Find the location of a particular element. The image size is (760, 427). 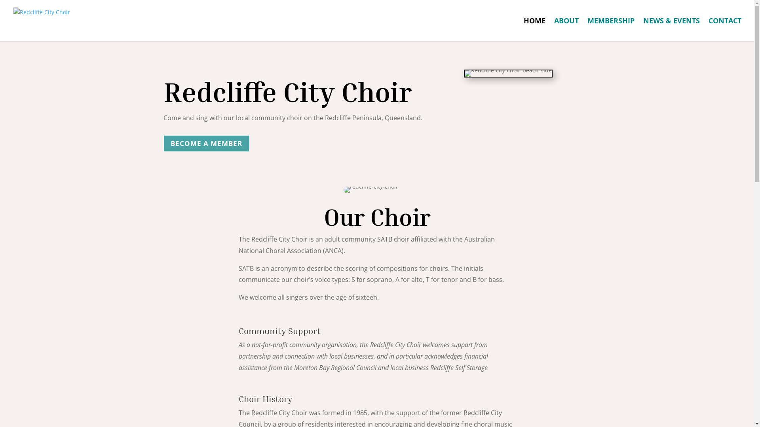

'CONTACT' is located at coordinates (725, 29).